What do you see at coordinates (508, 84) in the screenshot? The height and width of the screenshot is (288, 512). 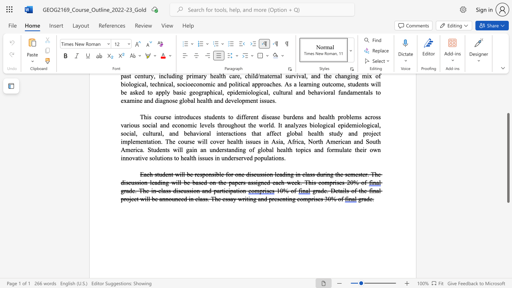 I see `the scrollbar to move the page up` at bounding box center [508, 84].